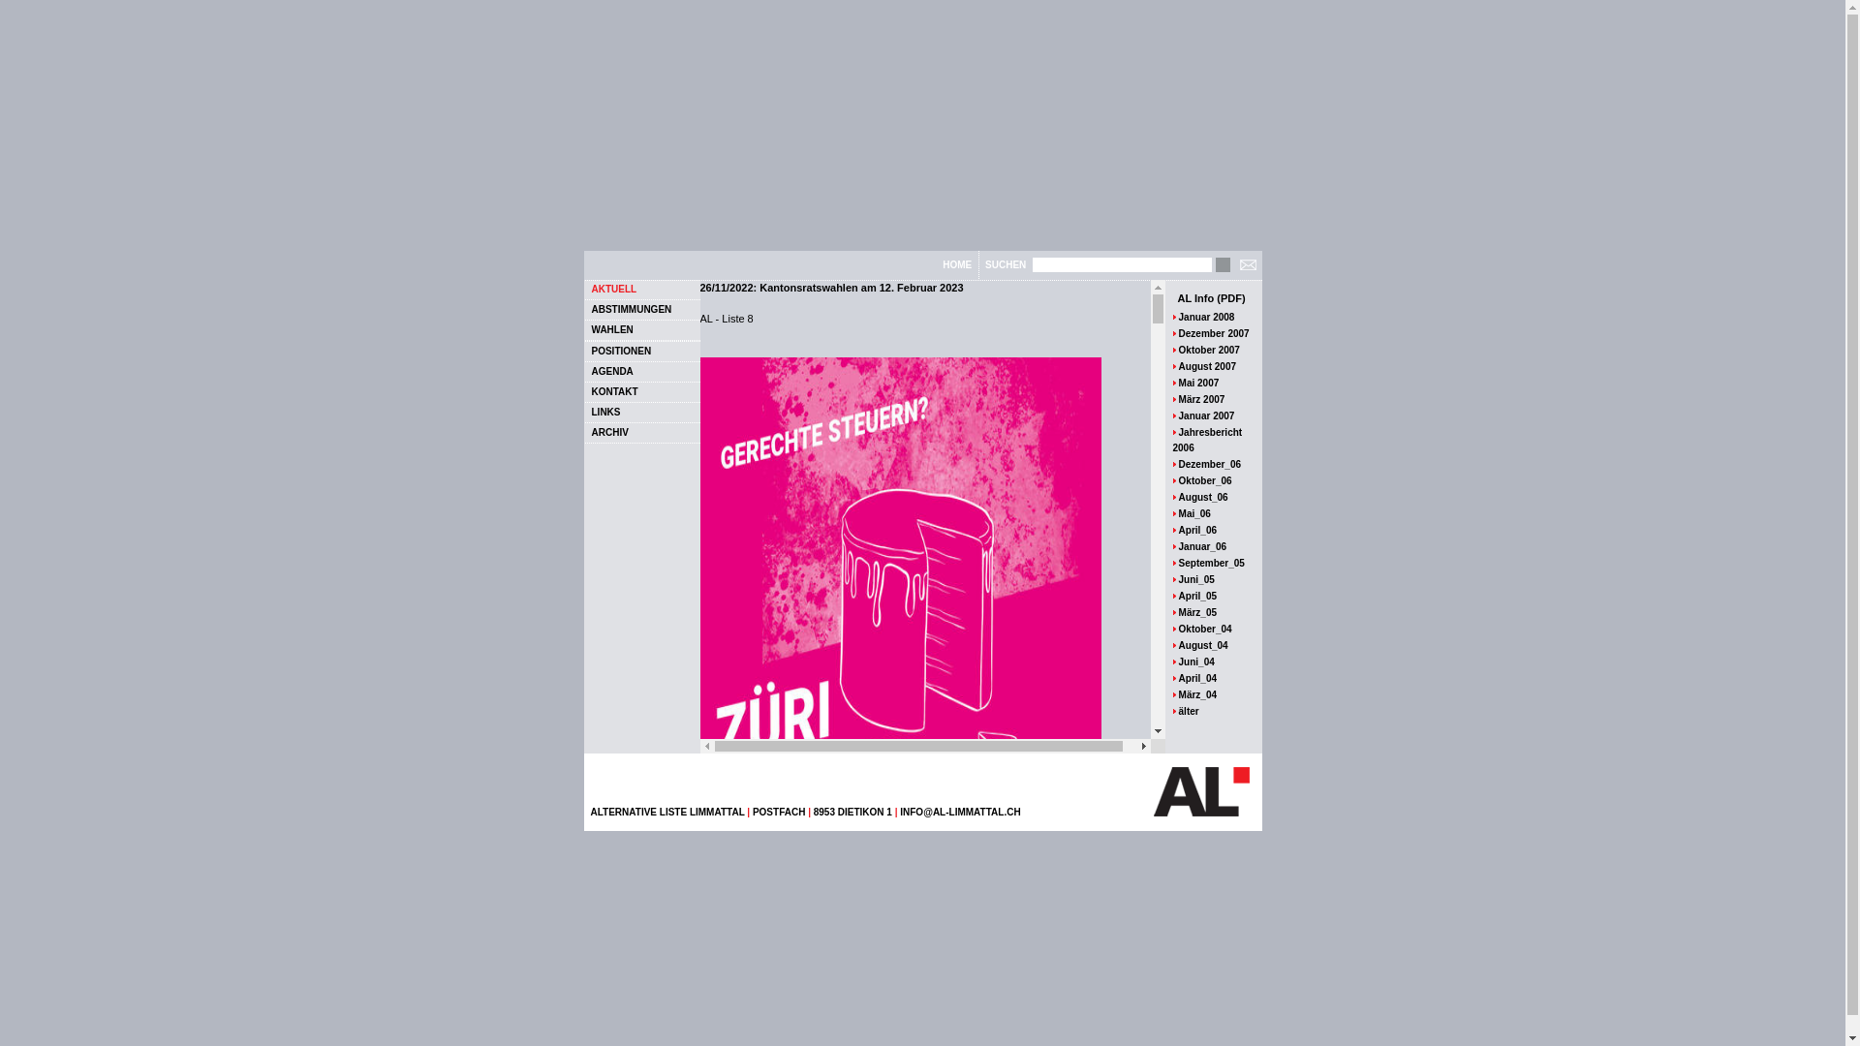  I want to click on 'Mai_06', so click(1193, 511).